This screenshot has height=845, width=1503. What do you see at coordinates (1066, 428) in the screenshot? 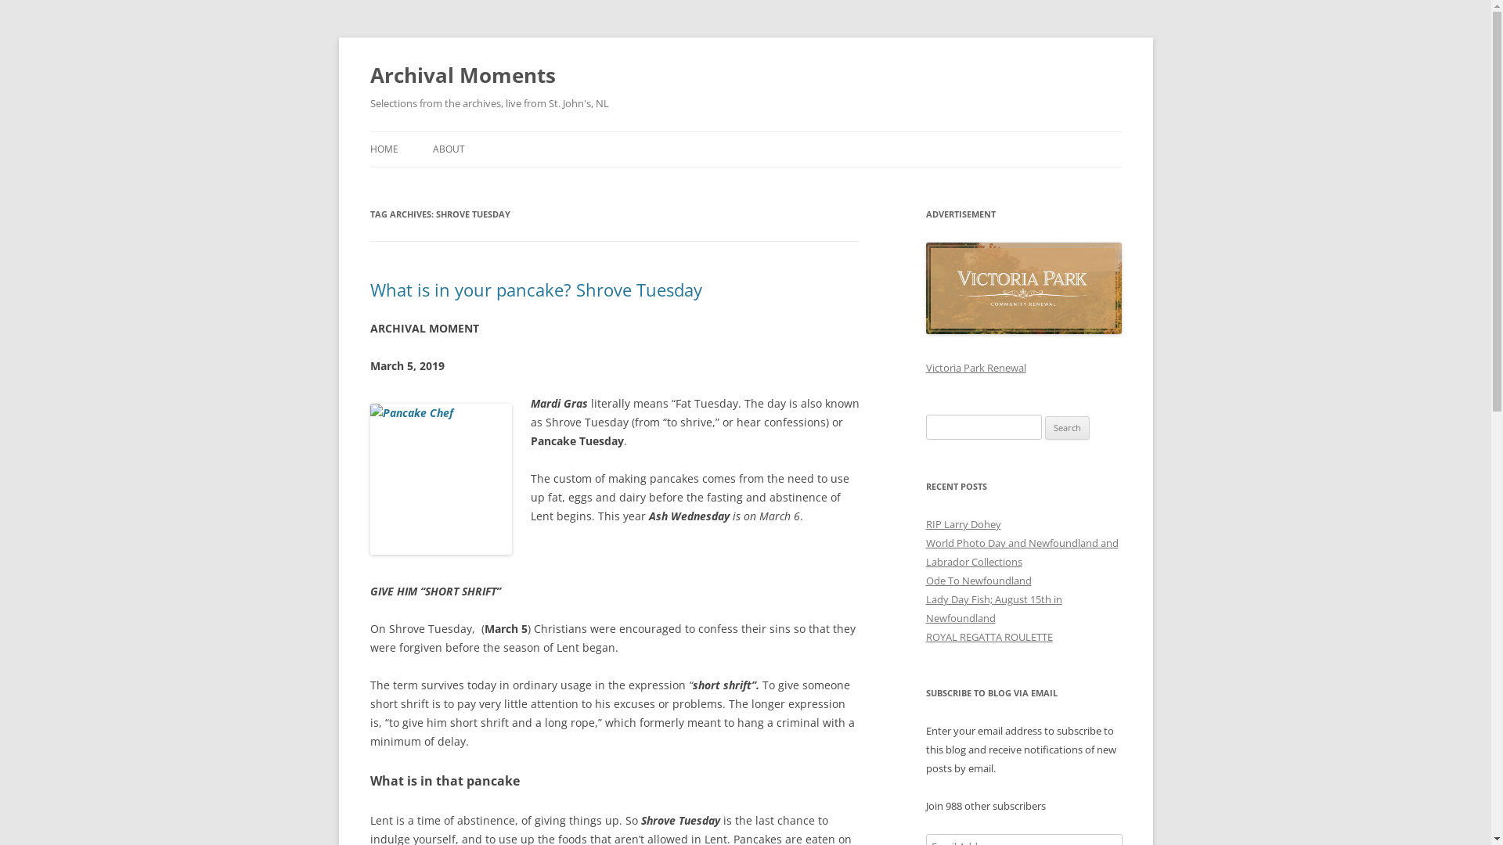
I see `'Search'` at bounding box center [1066, 428].